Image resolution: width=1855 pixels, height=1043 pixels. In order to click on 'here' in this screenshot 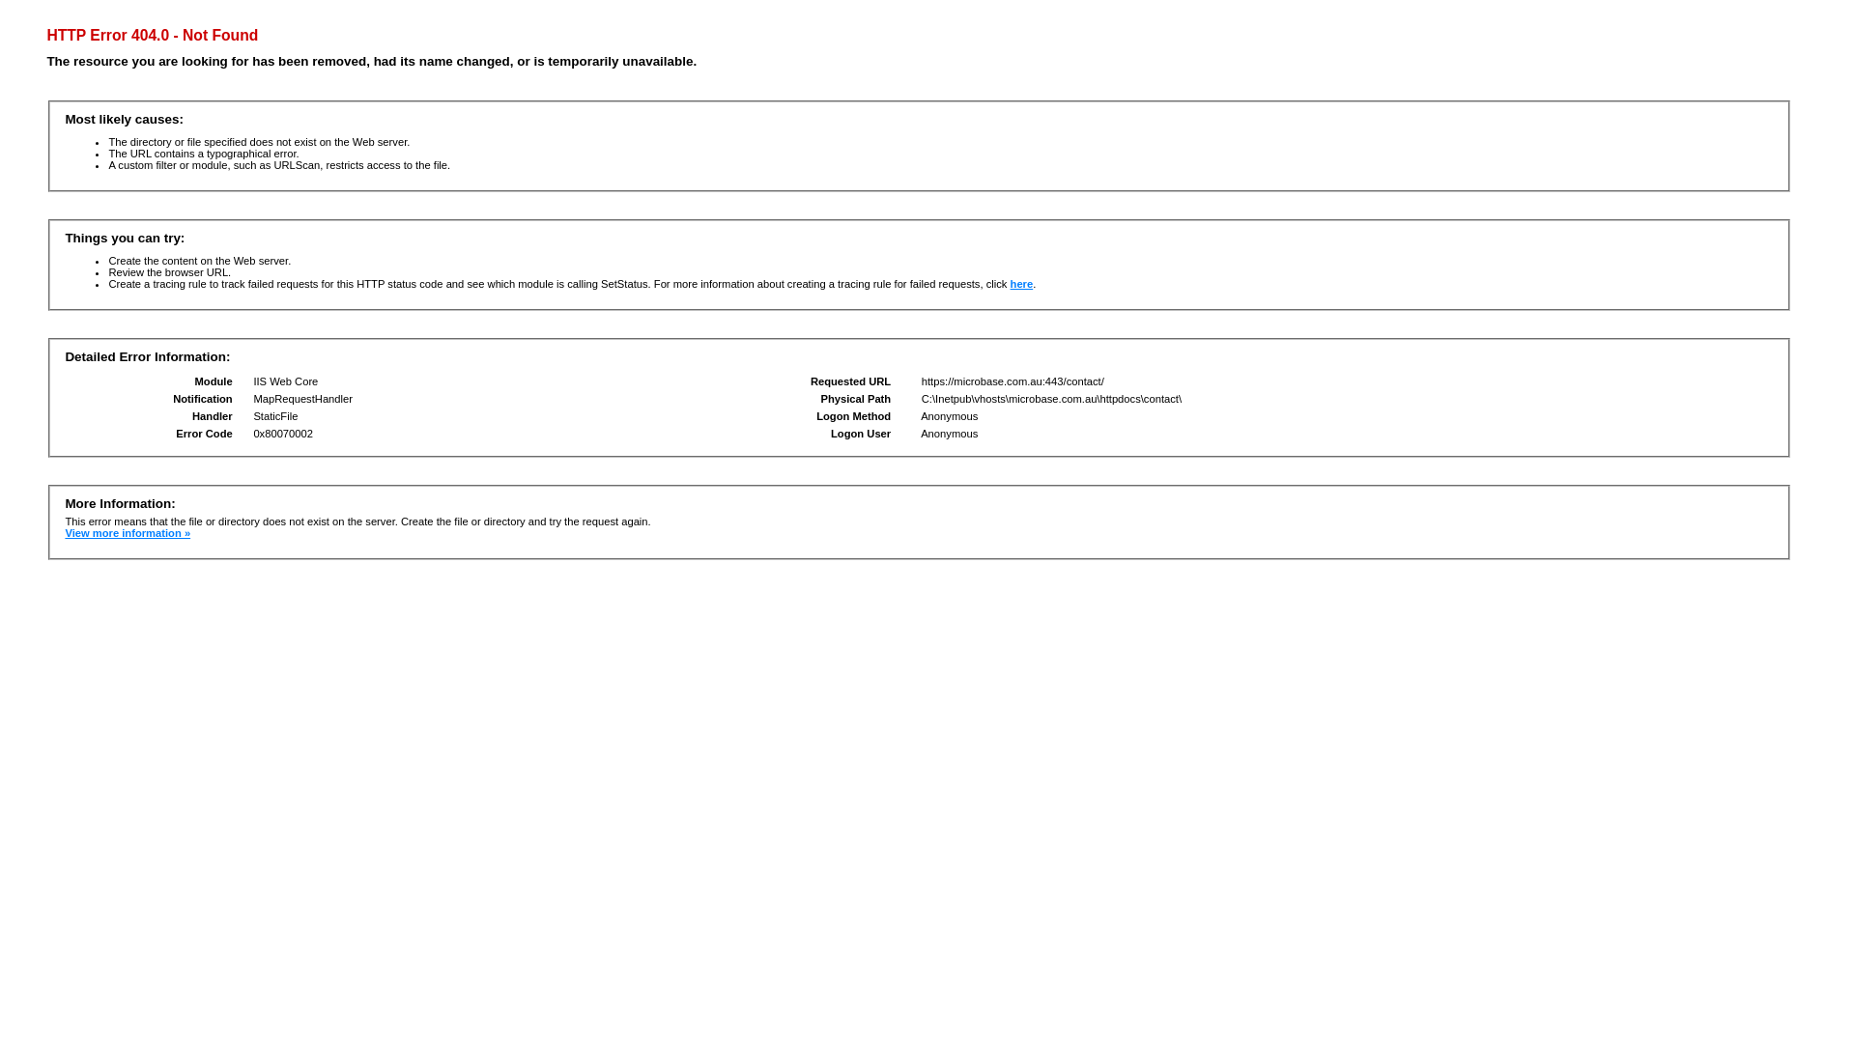, I will do `click(1020, 283)`.